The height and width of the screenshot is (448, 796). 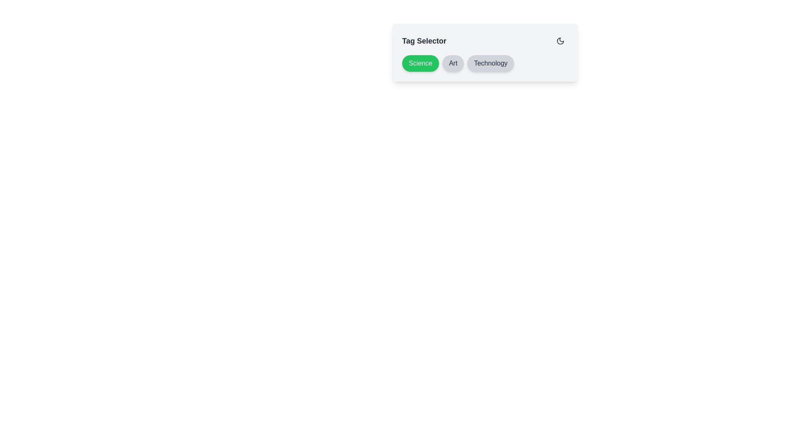 I want to click on the tag Art by clicking on it, so click(x=453, y=63).